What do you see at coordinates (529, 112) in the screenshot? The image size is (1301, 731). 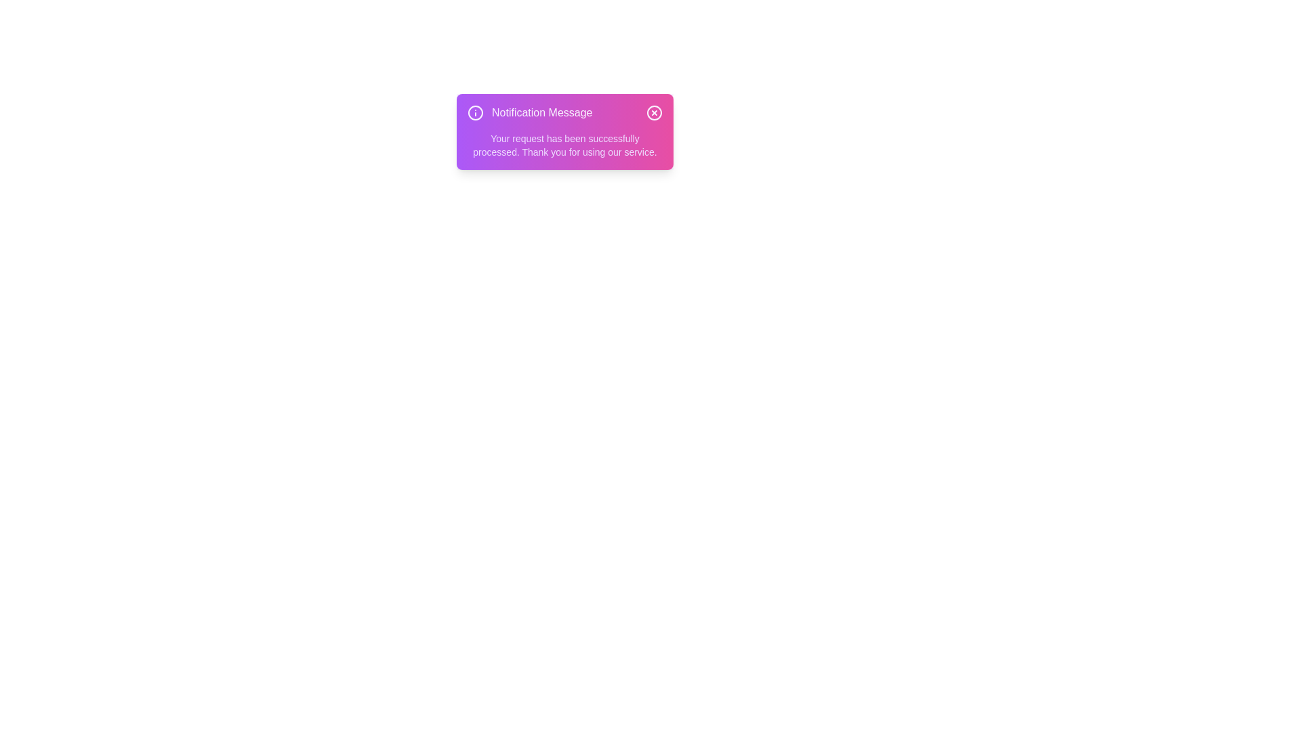 I see `the 'Notification Message' text label with the accompanying informational icon, which is displayed in a bold white font on a gradient-colored background` at bounding box center [529, 112].